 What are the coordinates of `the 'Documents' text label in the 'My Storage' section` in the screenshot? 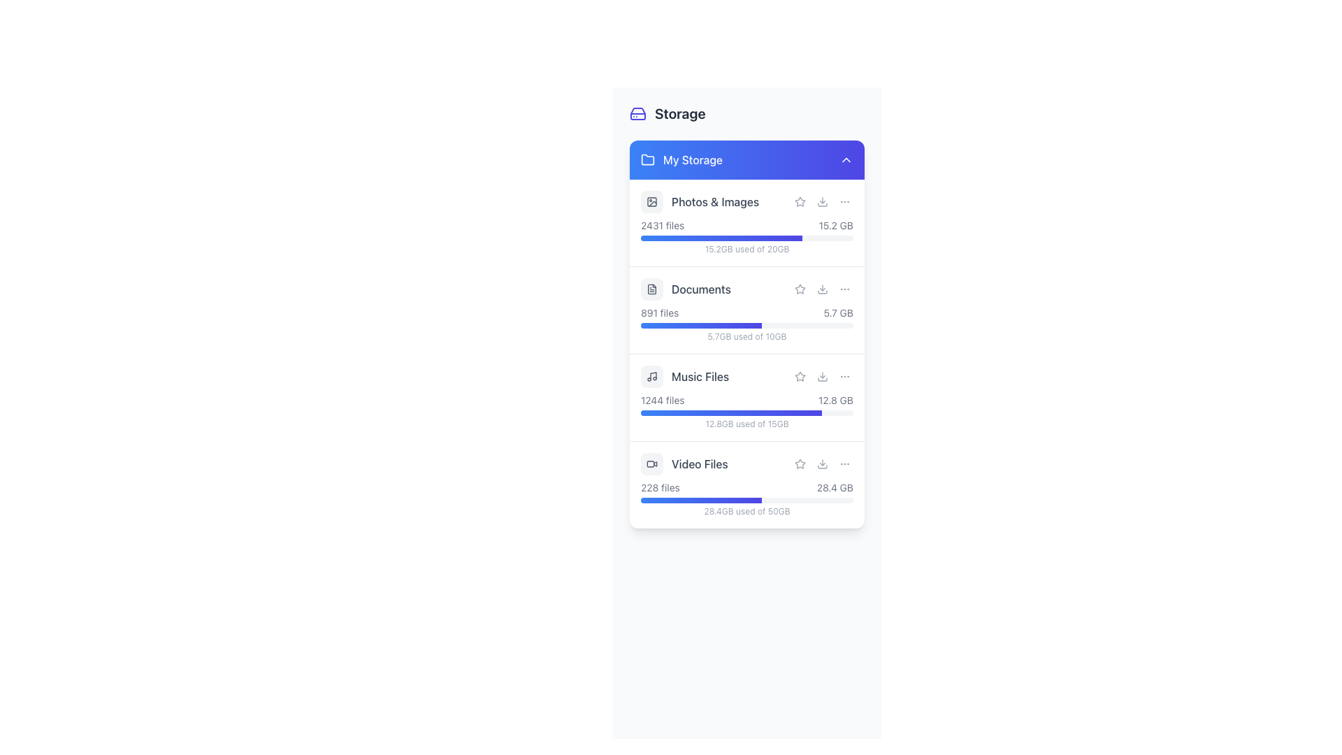 It's located at (701, 288).